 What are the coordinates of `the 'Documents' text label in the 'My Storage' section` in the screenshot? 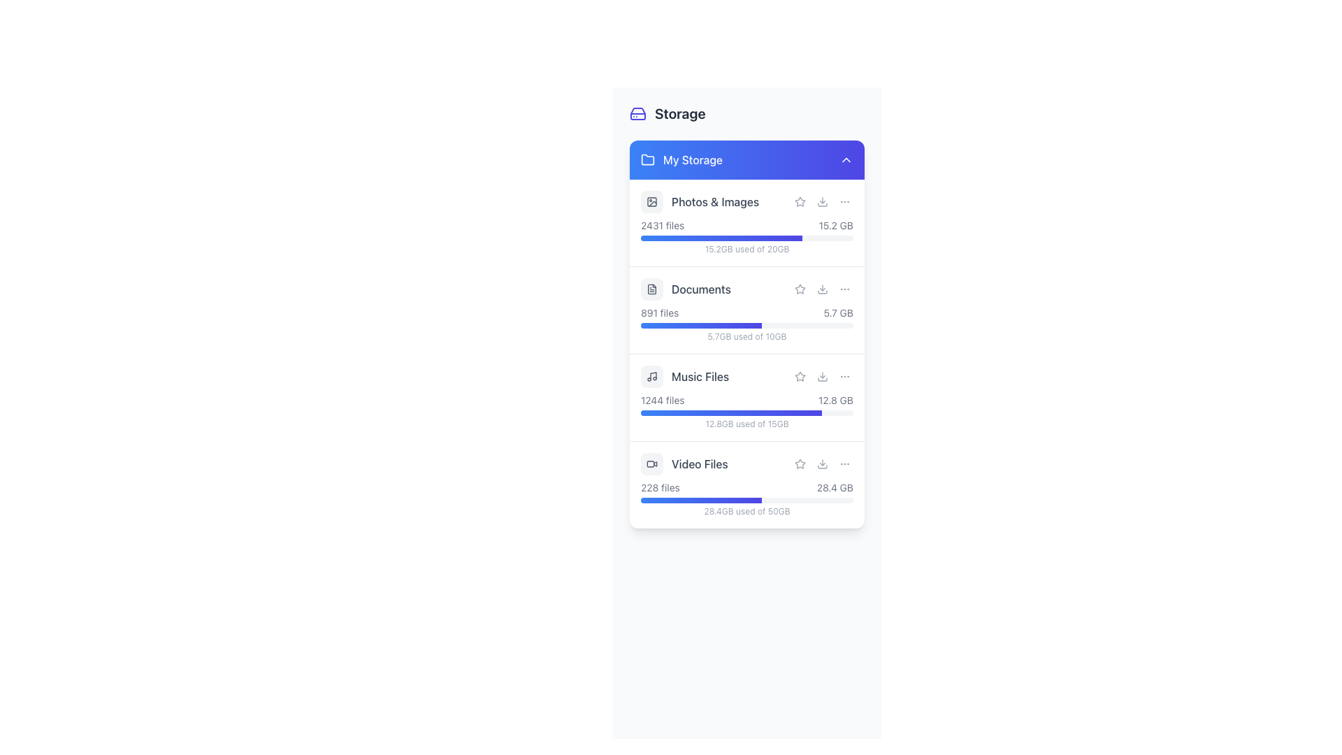 It's located at (701, 288).